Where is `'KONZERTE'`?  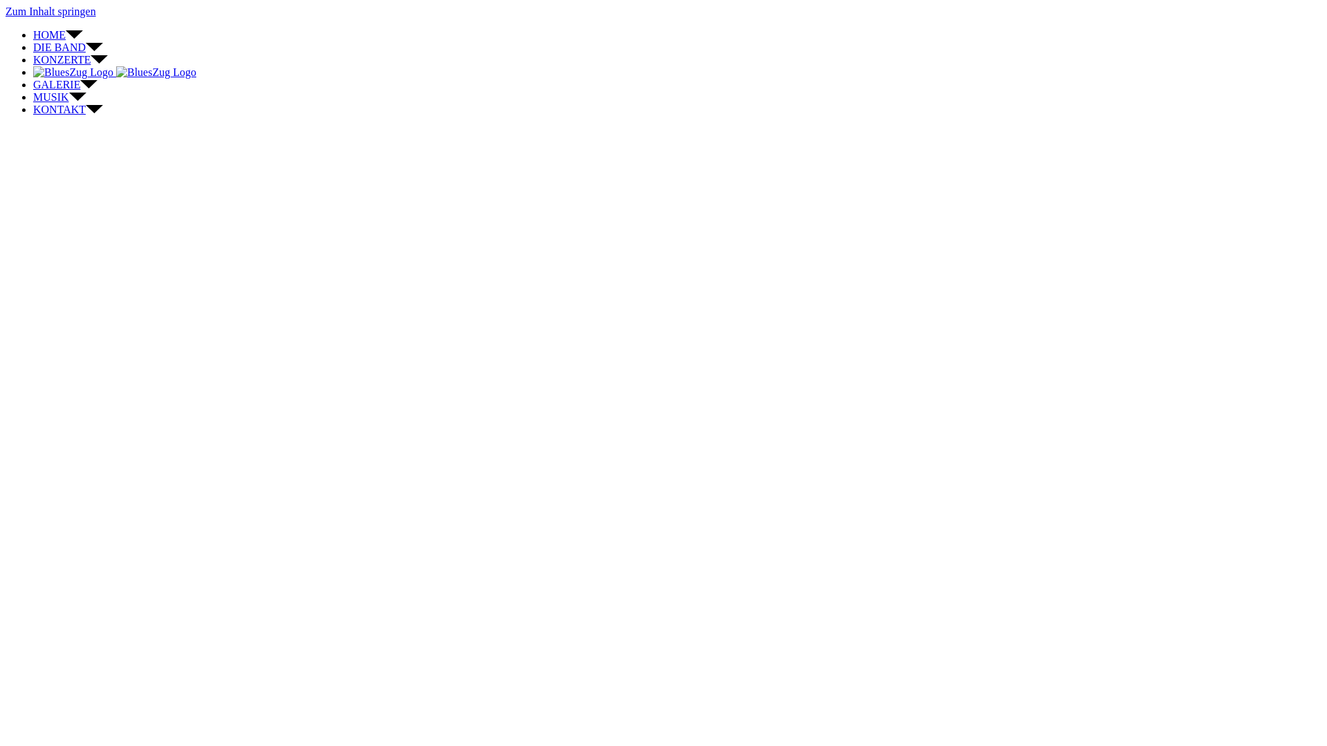 'KONZERTE' is located at coordinates (69, 59).